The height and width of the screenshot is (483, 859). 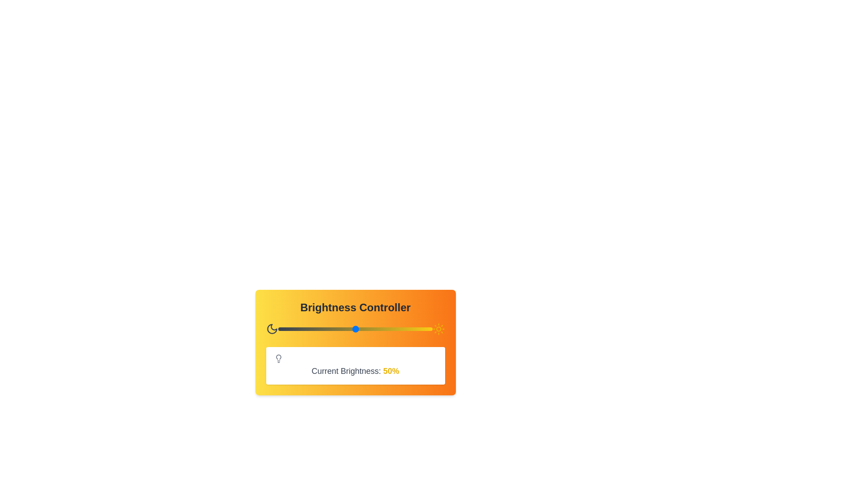 I want to click on the brightness level to 96% by interacting with the slider, so click(x=426, y=329).